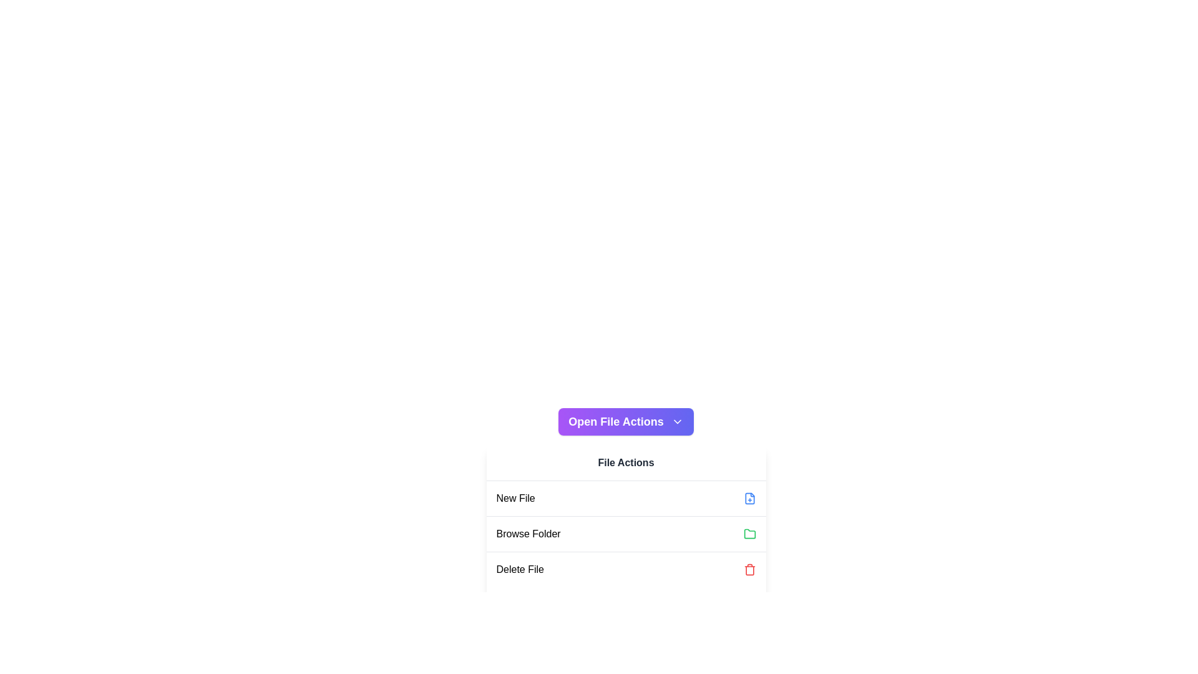 The image size is (1198, 674). Describe the element at coordinates (626, 421) in the screenshot. I see `the prominently styled button labeled 'Open File Actions' with a gradient color scheme to observe any hover effects` at that location.